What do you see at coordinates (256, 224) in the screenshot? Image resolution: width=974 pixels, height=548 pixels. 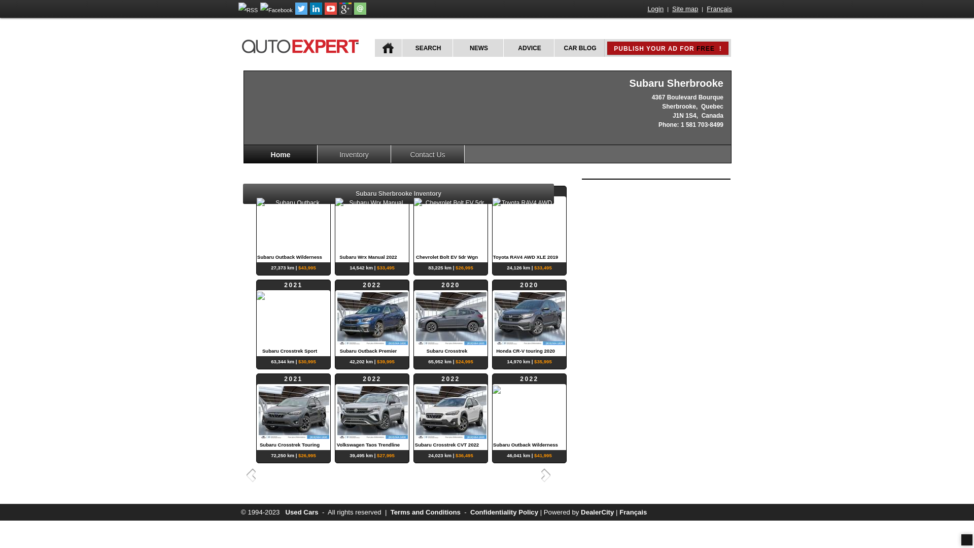 I see `'2023` at bounding box center [256, 224].